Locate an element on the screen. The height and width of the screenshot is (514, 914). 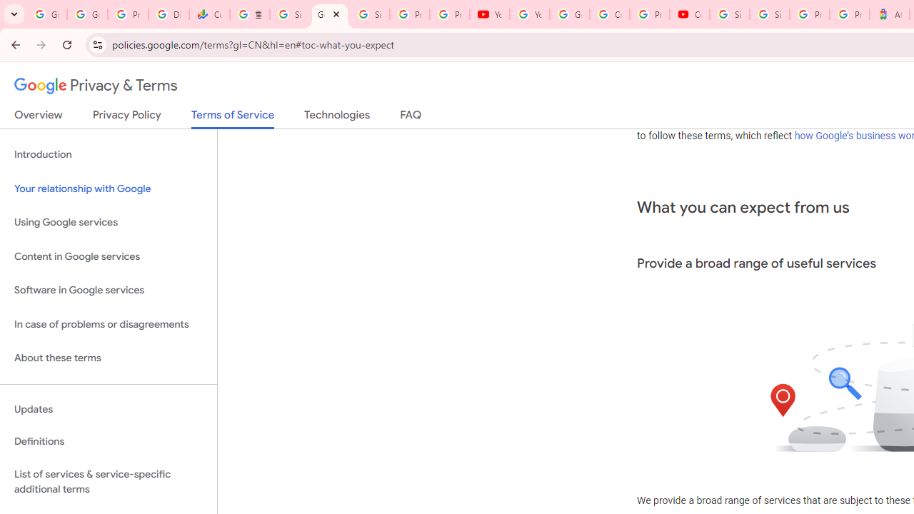
'YouTube' is located at coordinates (529, 14).